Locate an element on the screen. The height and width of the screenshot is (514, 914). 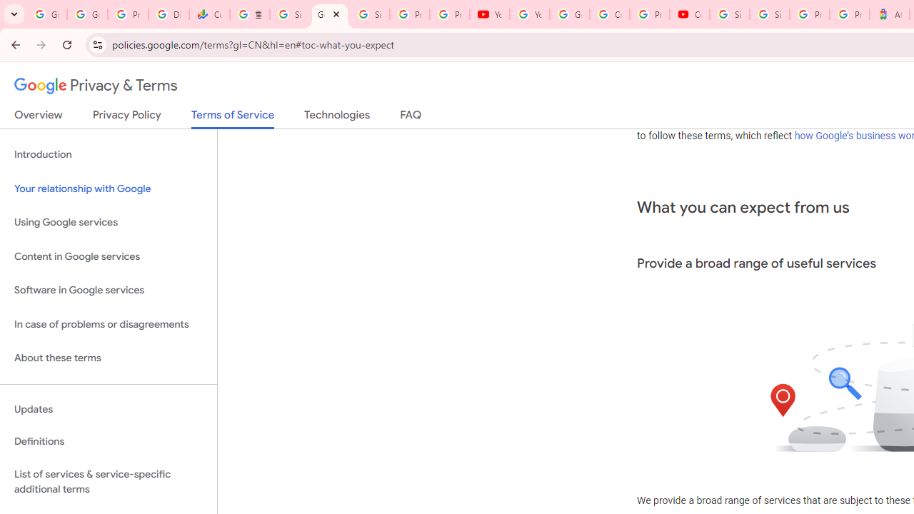
'YouTube' is located at coordinates (529, 14).